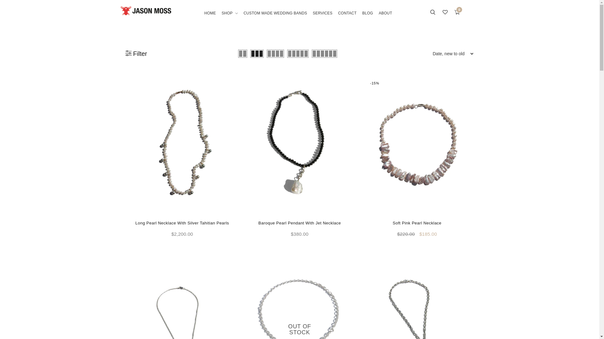  What do you see at coordinates (287, 53) in the screenshot?
I see `'5 col'` at bounding box center [287, 53].